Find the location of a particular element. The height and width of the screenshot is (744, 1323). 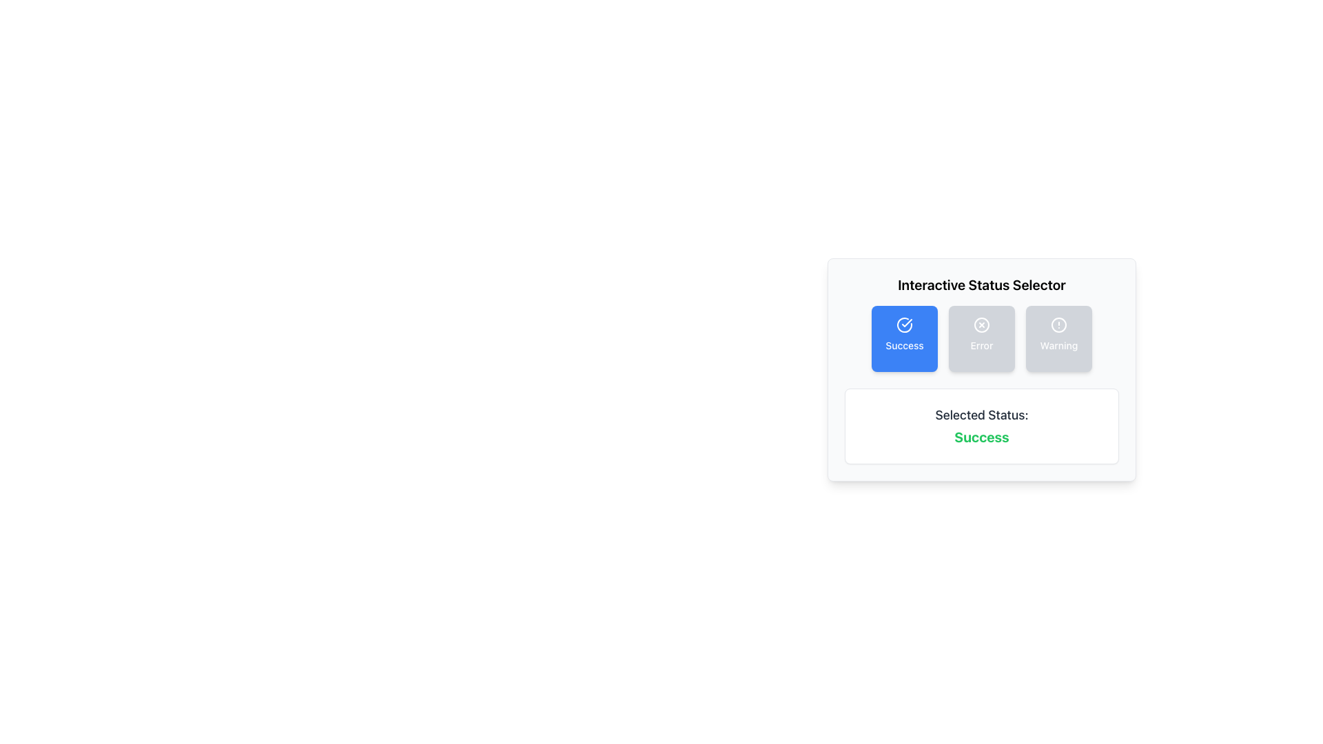

the circular graphical component of the warning indicator in the 'Warning' button, which is located in the 'Interactive Status Selector' component is located at coordinates (1058, 324).